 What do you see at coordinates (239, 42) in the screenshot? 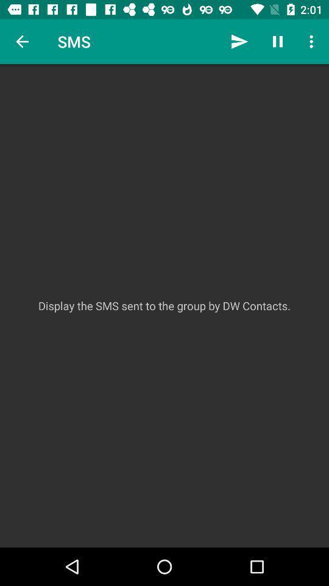
I see `item to the right of the sms` at bounding box center [239, 42].